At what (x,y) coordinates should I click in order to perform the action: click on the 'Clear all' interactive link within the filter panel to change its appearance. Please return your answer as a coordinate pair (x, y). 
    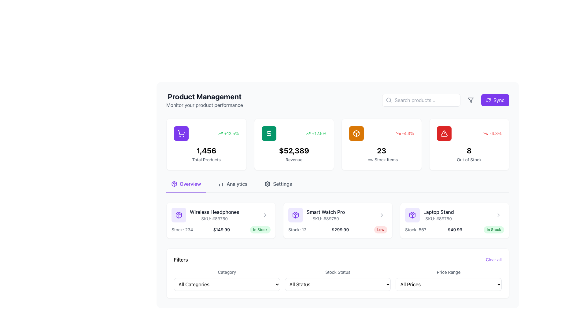
    Looking at the image, I should click on (337, 259).